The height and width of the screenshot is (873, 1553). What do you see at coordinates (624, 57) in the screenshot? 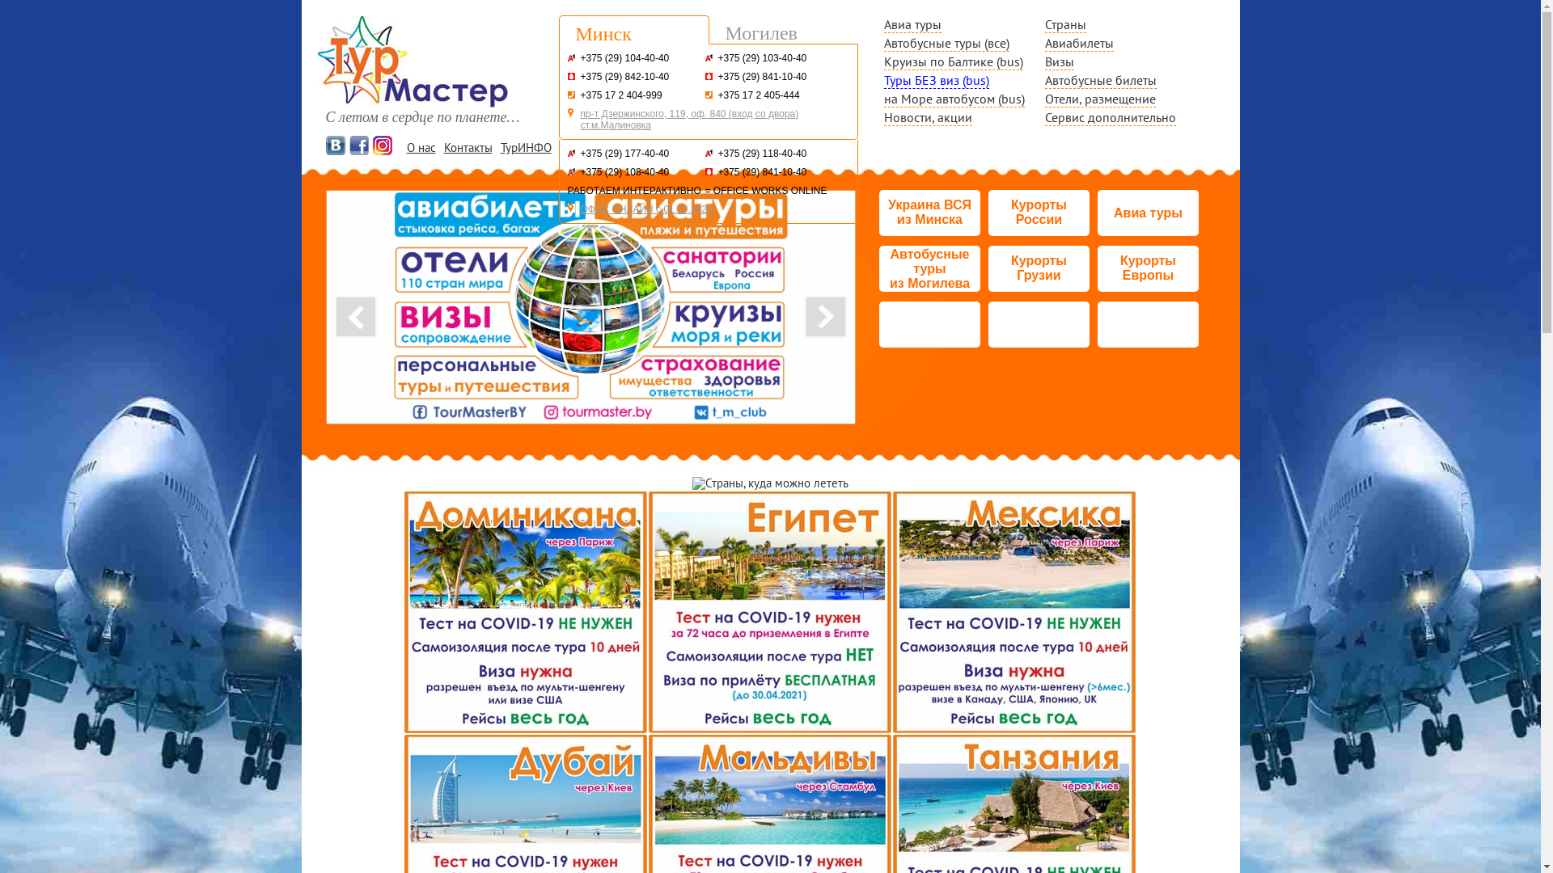
I see `'+375 (29) 104-40-40'` at bounding box center [624, 57].